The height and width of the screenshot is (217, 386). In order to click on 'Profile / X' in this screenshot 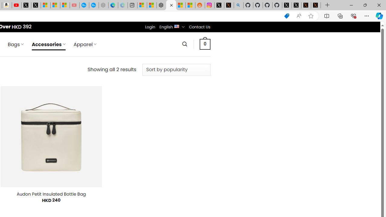, I will do `click(286, 5)`.